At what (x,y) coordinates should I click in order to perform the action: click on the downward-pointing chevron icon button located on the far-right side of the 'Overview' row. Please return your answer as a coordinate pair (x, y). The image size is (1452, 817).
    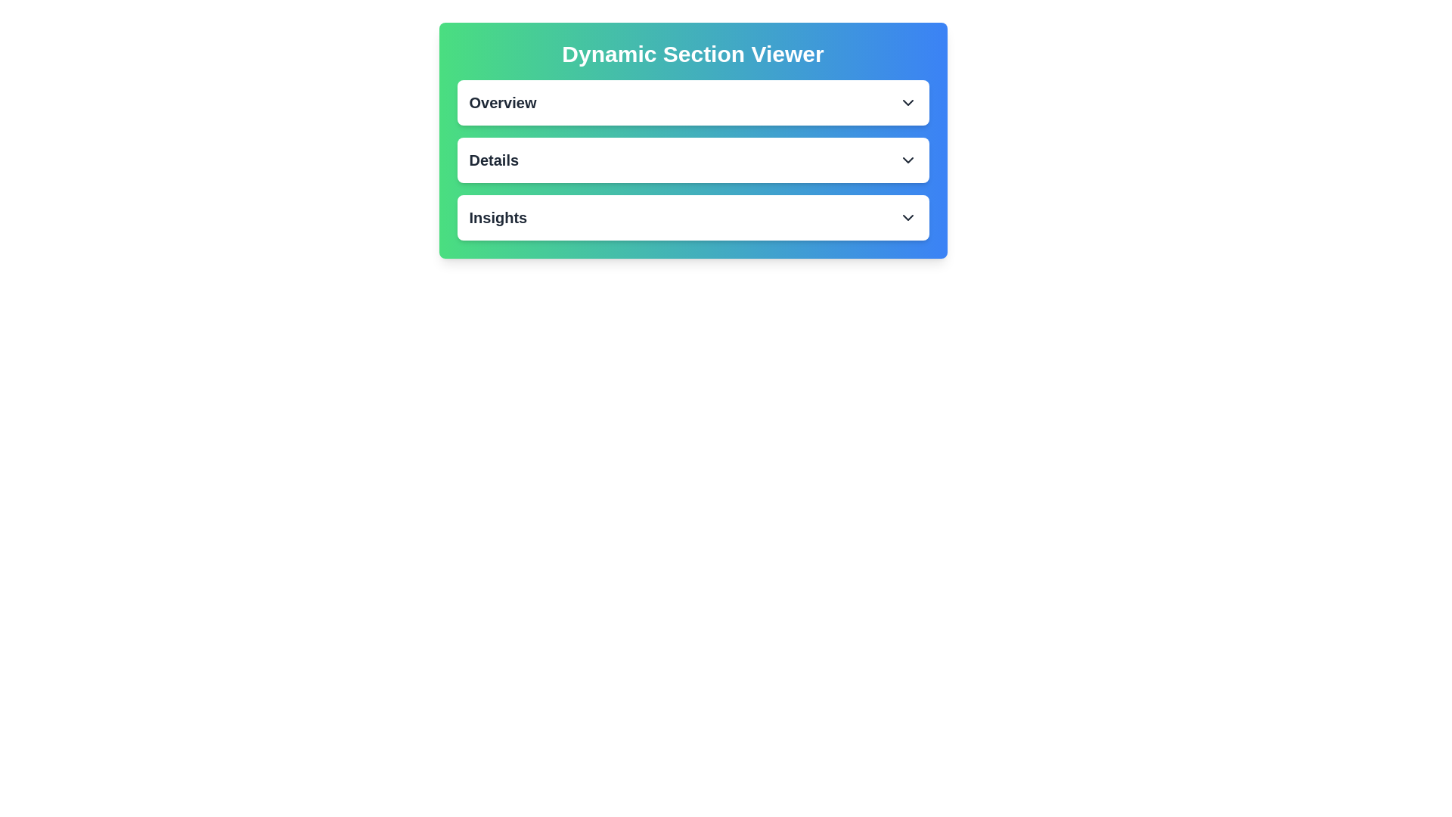
    Looking at the image, I should click on (907, 102).